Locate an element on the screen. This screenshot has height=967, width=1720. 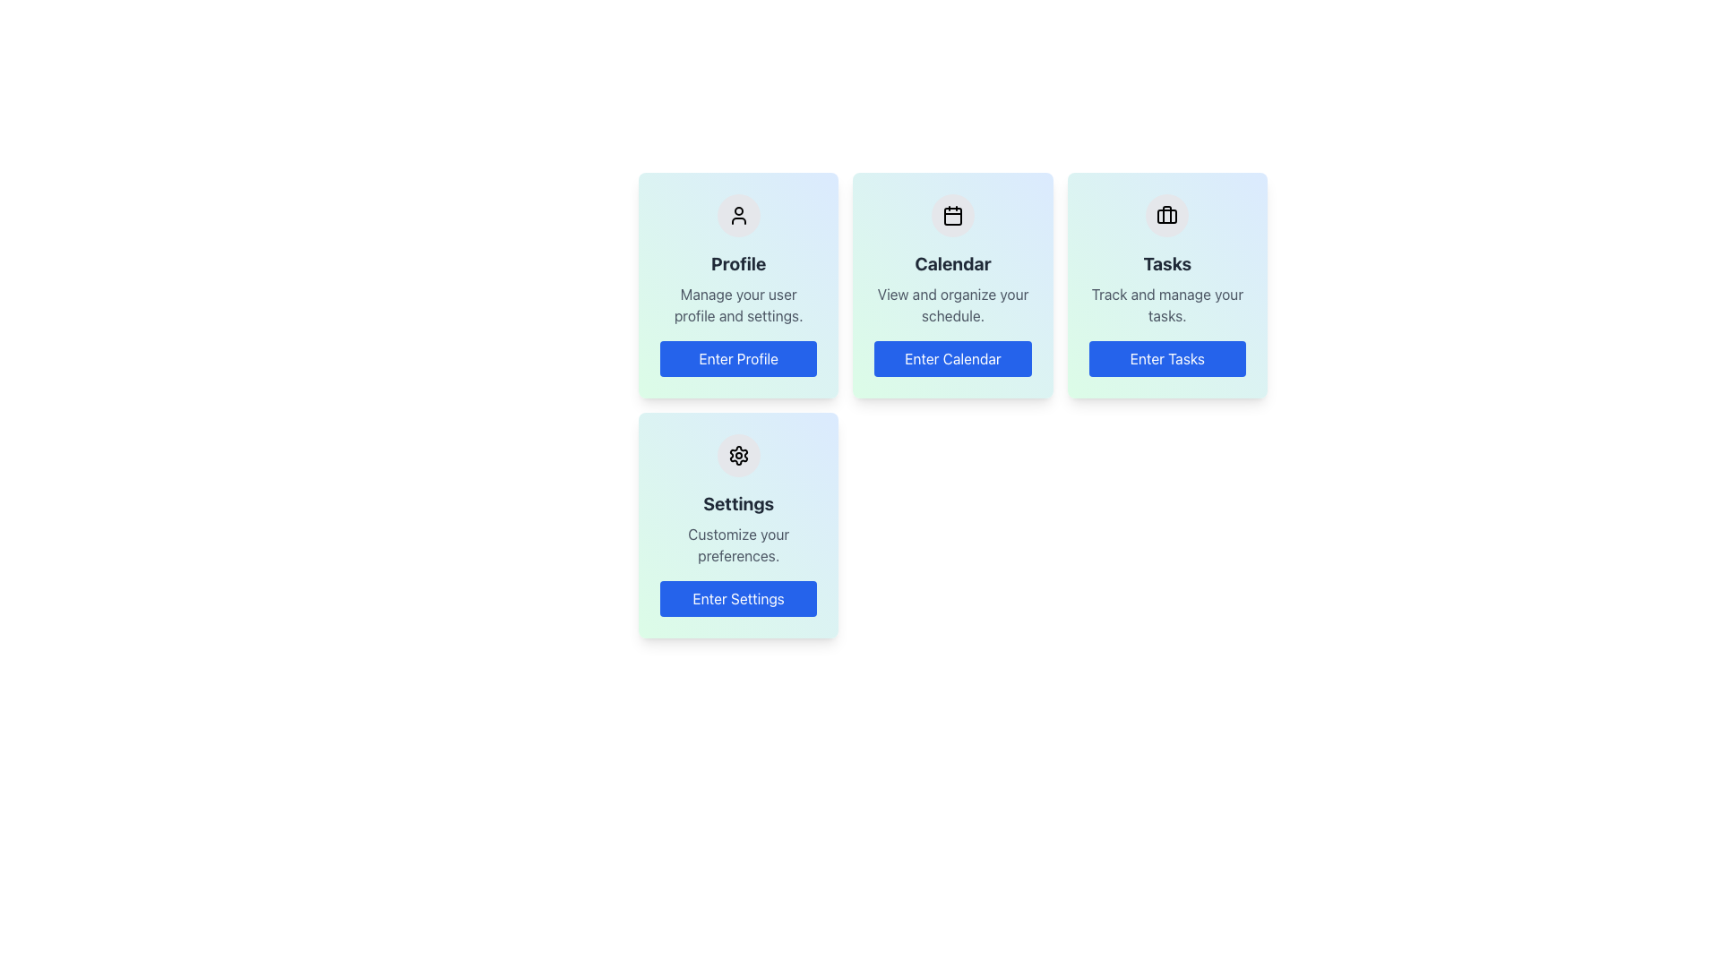
the SVG icon styled as a user figure located in the top-left card of a grid, which represents the user profile section is located at coordinates (738, 214).